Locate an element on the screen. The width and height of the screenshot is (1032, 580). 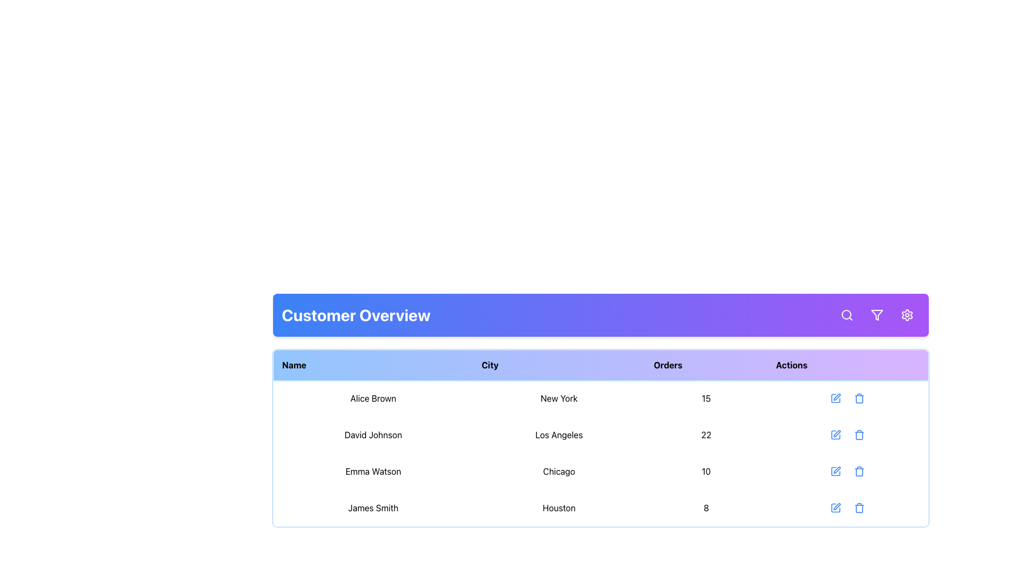
text displayed as '10' in bold, located in the third row of the table under the 'Orders' column, aligned with 'Chicago' is located at coordinates (706, 471).